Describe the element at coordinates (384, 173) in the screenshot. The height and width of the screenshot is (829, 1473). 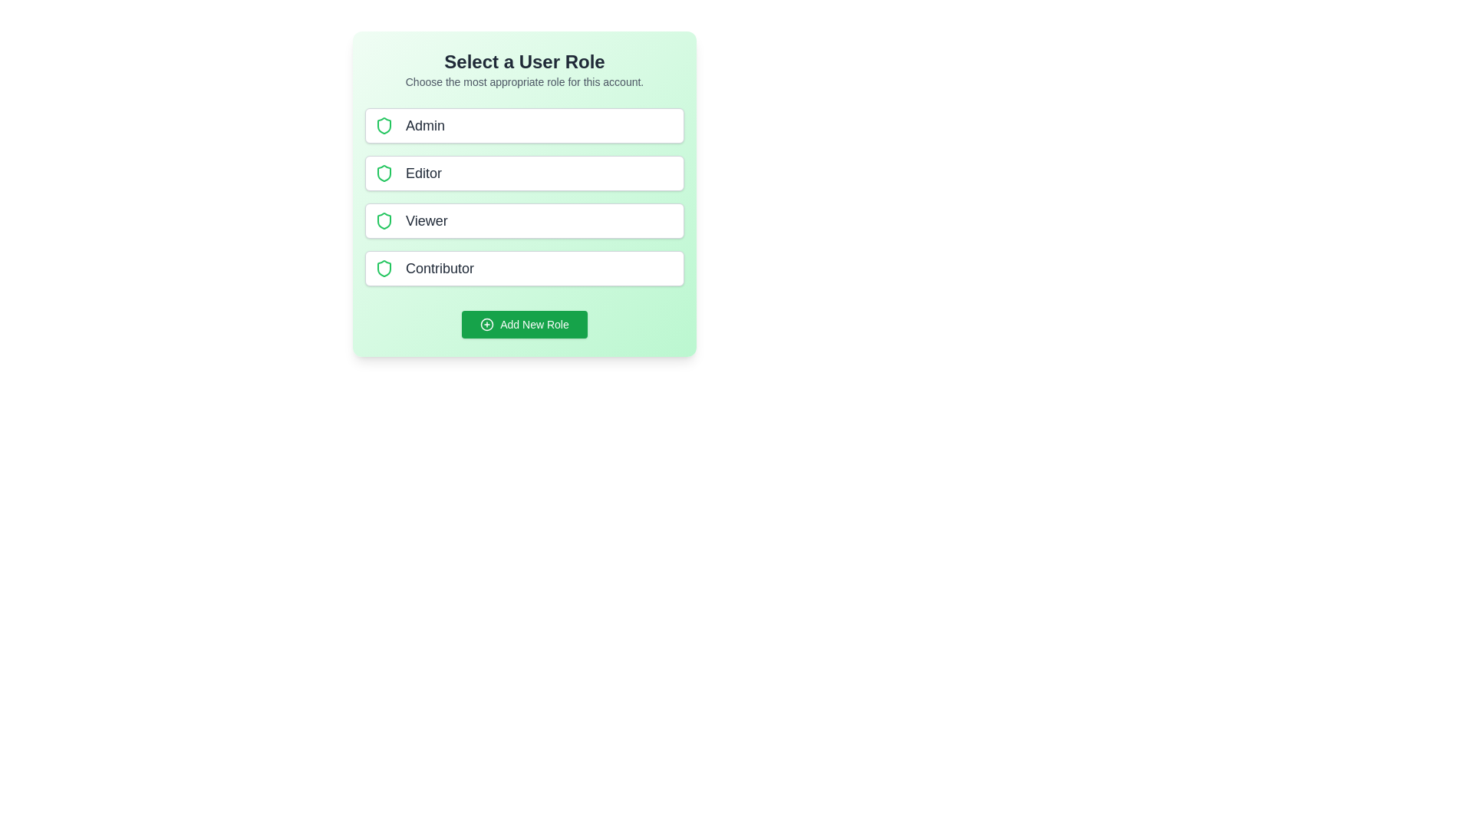
I see `the icon next to the role Editor for examination` at that location.